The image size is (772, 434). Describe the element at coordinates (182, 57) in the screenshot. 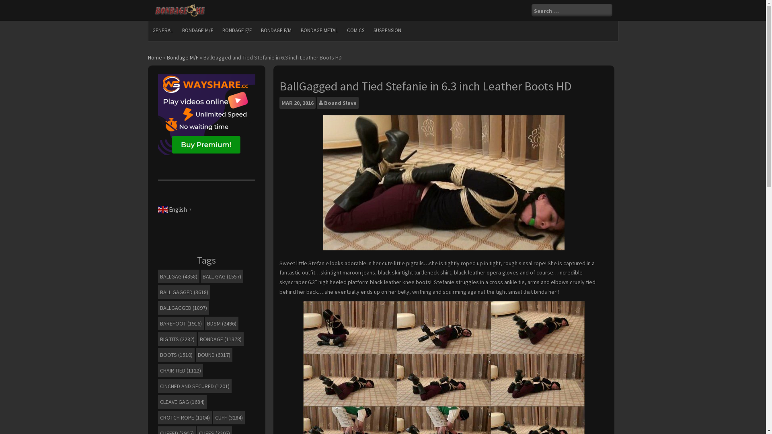

I see `'Bondage M/F'` at that location.